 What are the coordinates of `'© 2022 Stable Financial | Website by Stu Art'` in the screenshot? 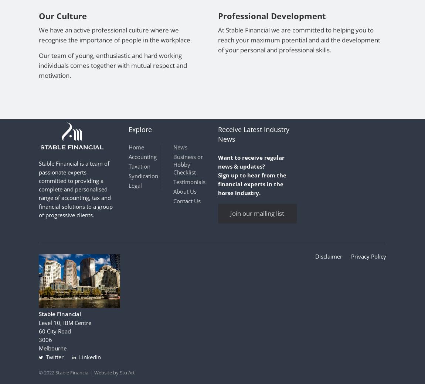 It's located at (86, 372).